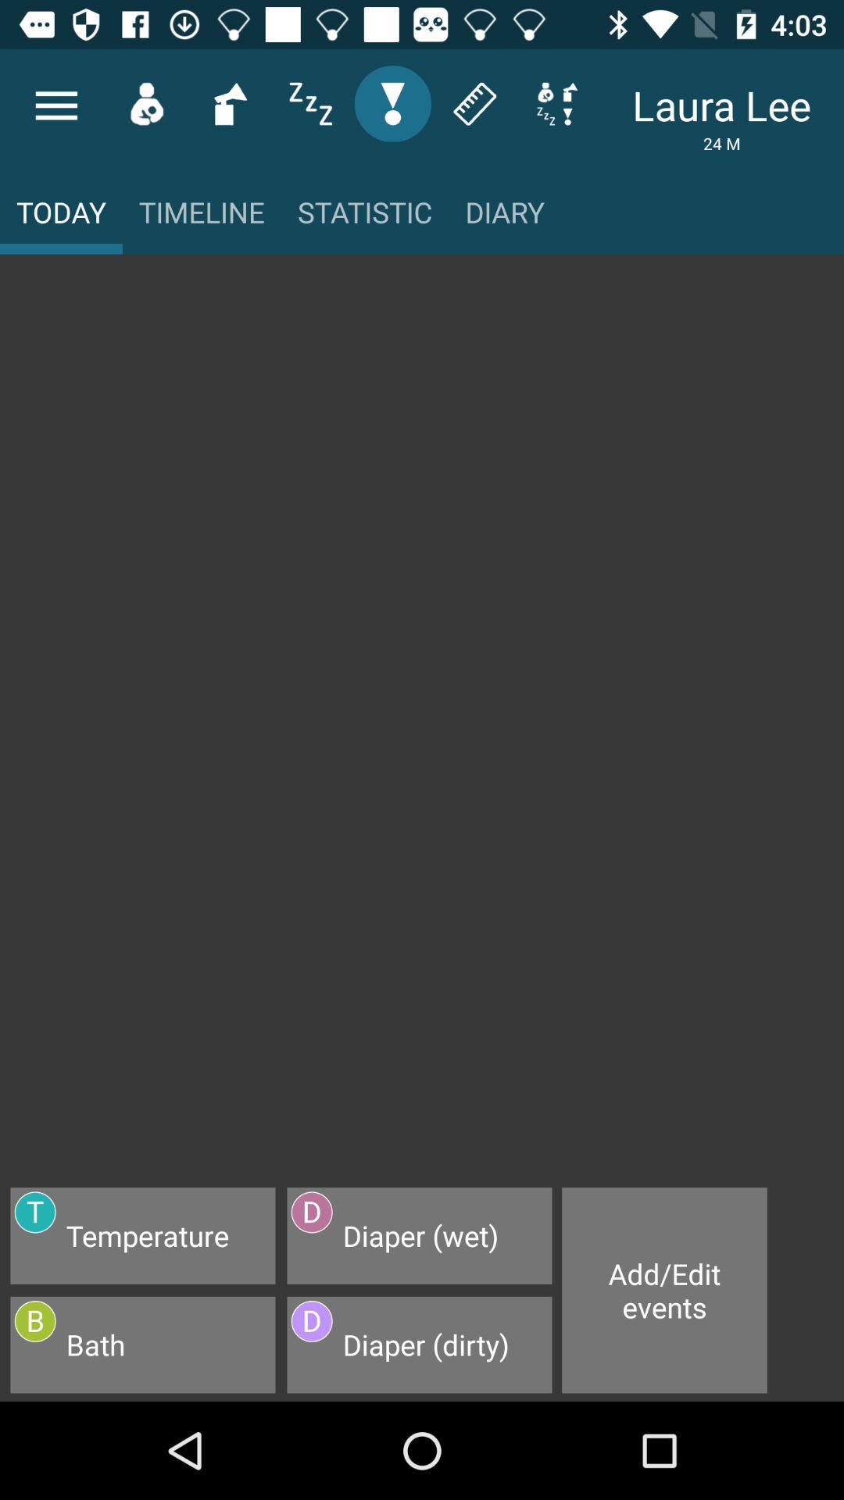  I want to click on the more icon, so click(556, 102).